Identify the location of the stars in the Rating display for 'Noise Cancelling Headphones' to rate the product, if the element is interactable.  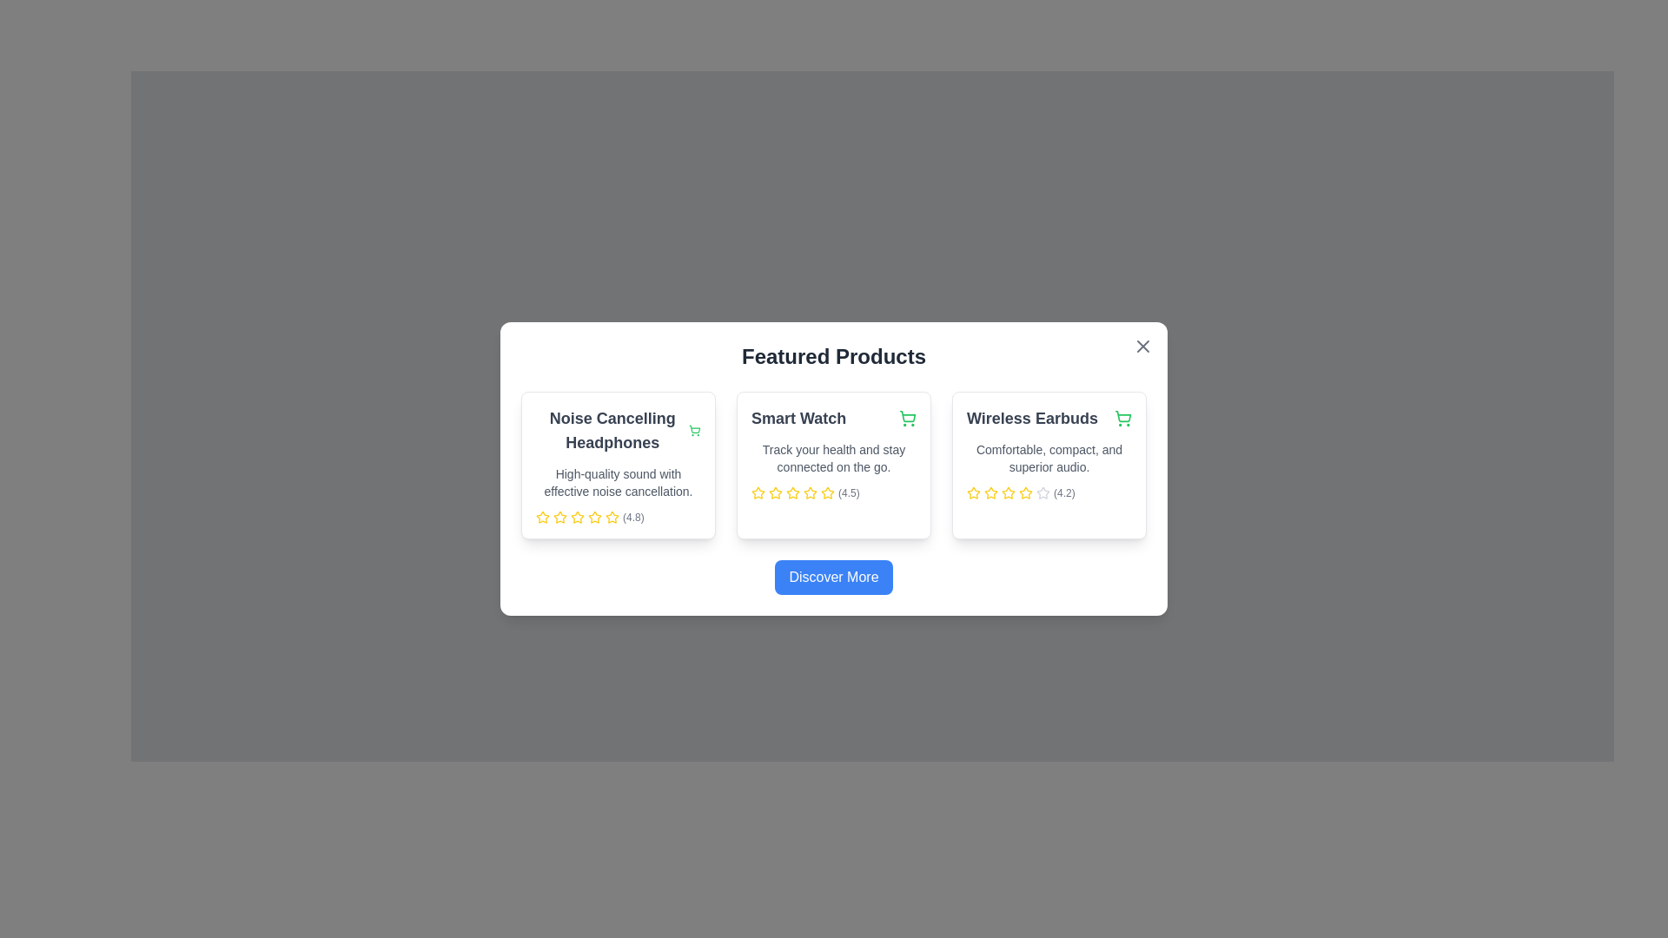
(618, 517).